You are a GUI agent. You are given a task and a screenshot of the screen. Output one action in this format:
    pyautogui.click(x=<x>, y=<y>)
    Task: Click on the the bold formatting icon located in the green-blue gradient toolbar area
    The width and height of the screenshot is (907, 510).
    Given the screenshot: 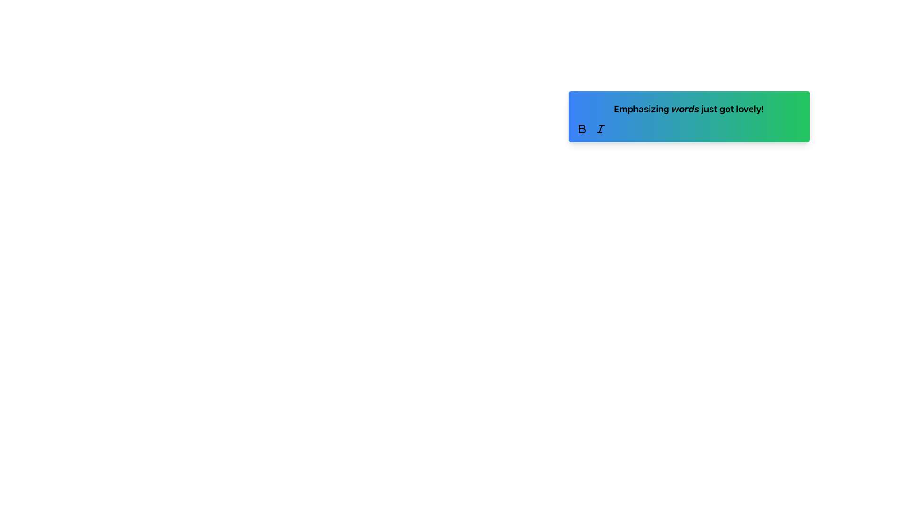 What is the action you would take?
    pyautogui.click(x=582, y=129)
    